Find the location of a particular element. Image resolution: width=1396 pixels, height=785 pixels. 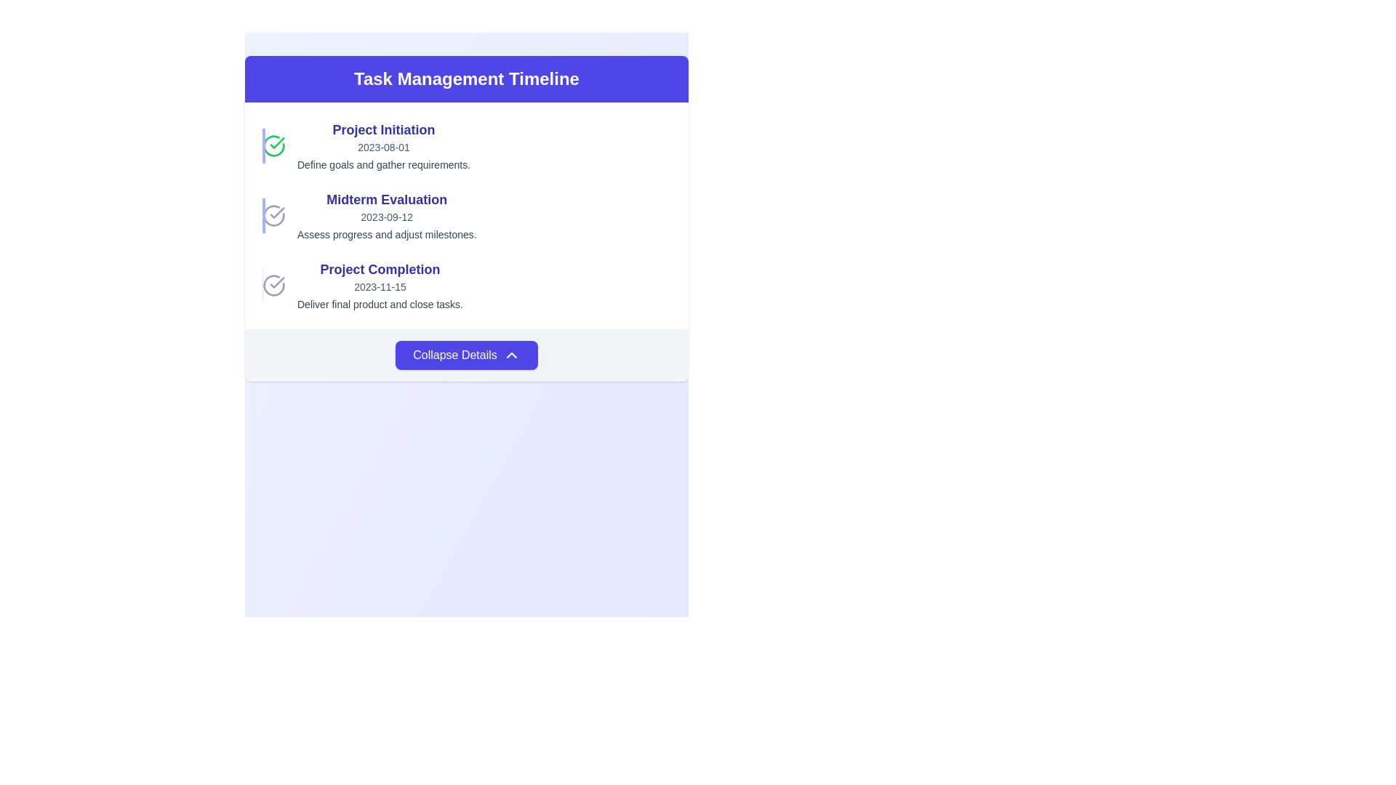

the informational text block titled 'Midterm Evaluation' which includes the date '2023-09-12' and description 'Assess progress and adjust milestones' is located at coordinates (387, 216).